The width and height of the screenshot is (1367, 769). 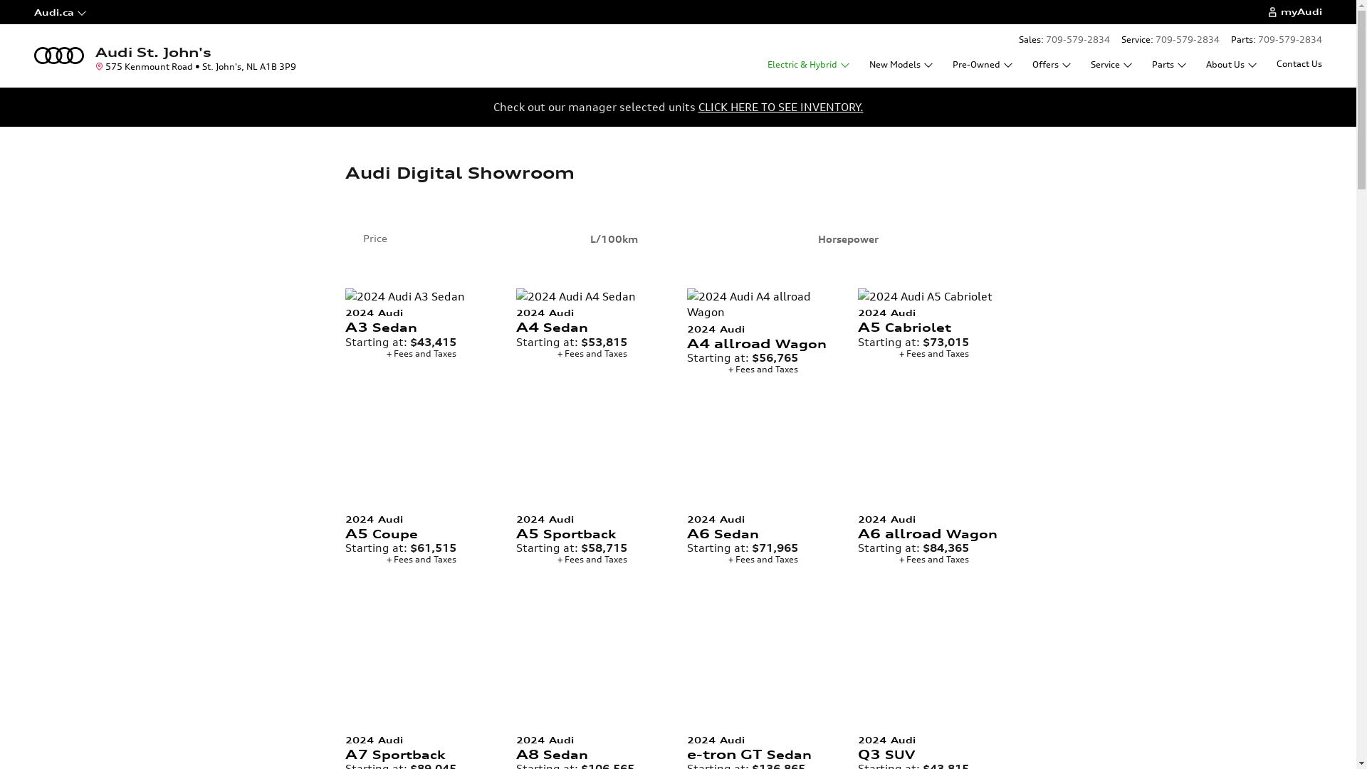 What do you see at coordinates (585, 745) in the screenshot?
I see `'2024 Audi A8 Sedan'` at bounding box center [585, 745].